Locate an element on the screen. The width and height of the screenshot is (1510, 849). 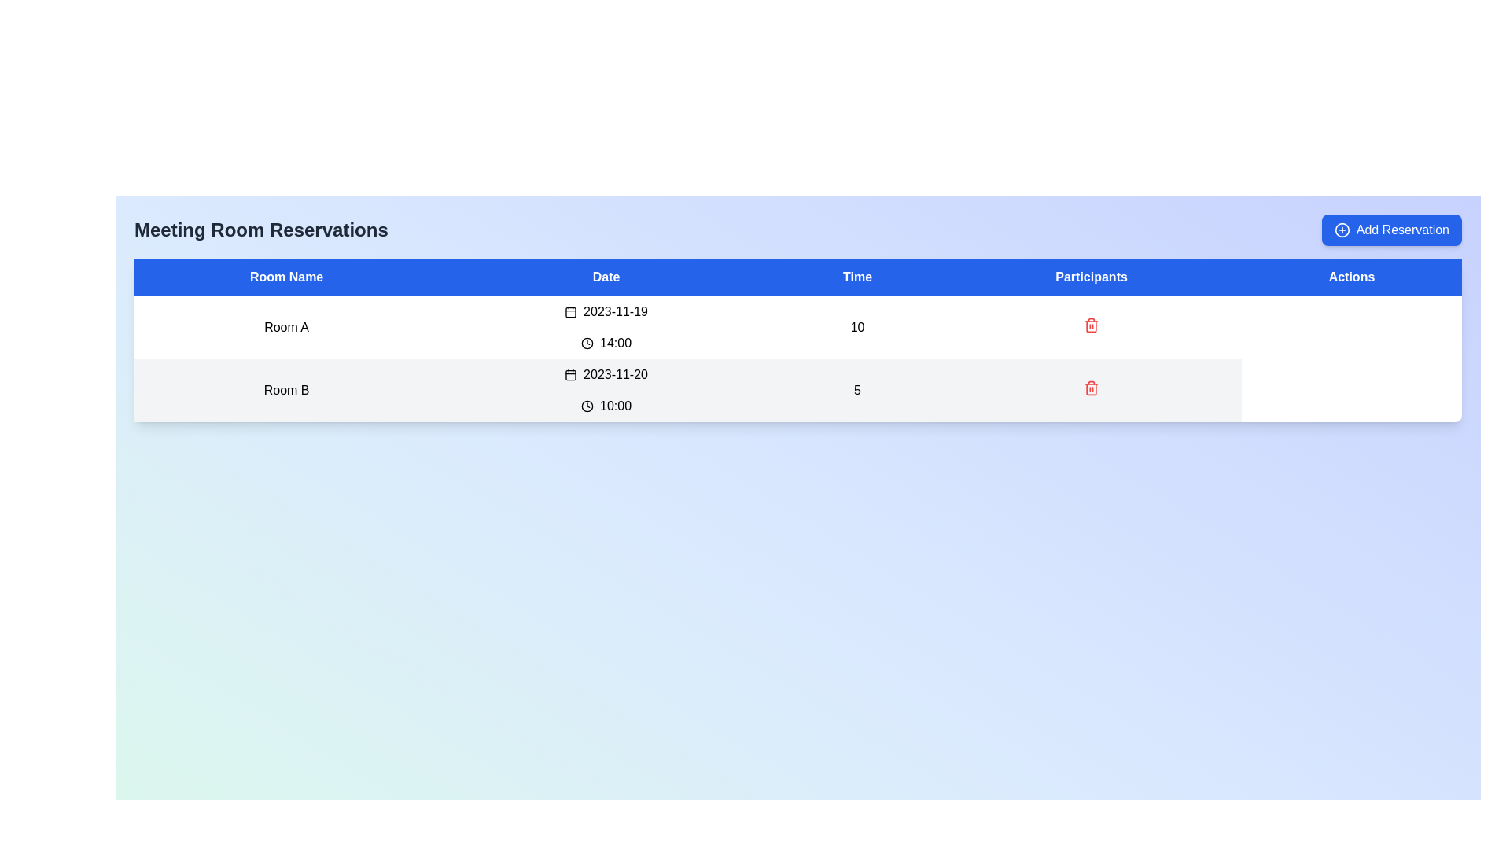
date displayed in the 'Date' column of the table row titled 'Room A', which shows '2023-11-19' next to a calendar icon is located at coordinates (606, 312).